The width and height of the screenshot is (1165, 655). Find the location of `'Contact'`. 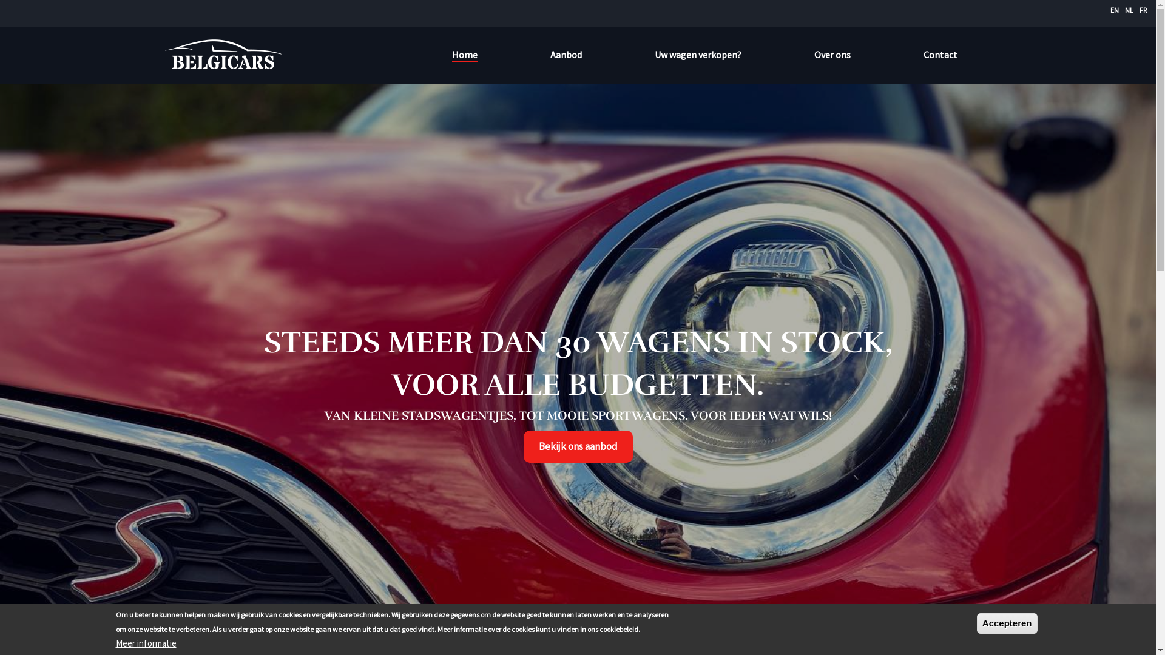

'Contact' is located at coordinates (940, 53).